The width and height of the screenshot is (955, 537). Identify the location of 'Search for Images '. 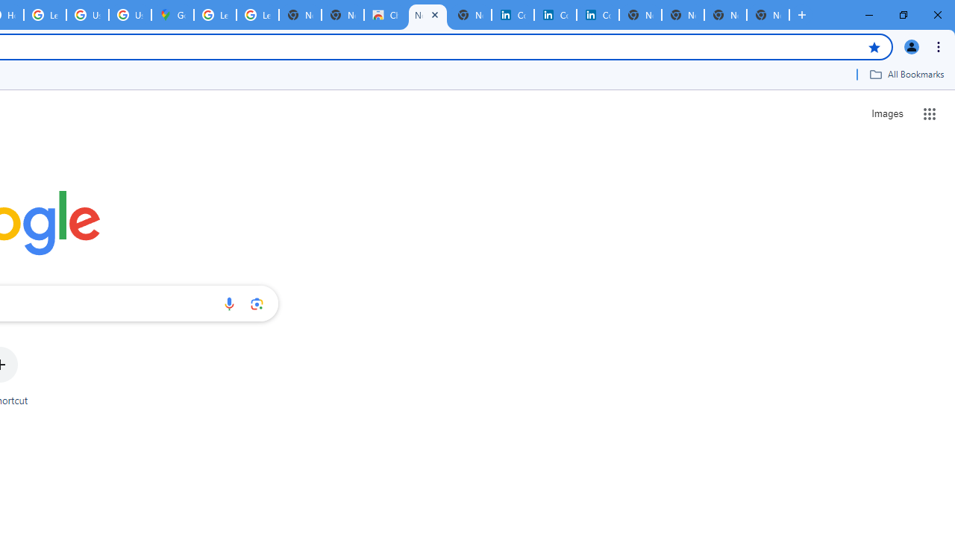
(887, 113).